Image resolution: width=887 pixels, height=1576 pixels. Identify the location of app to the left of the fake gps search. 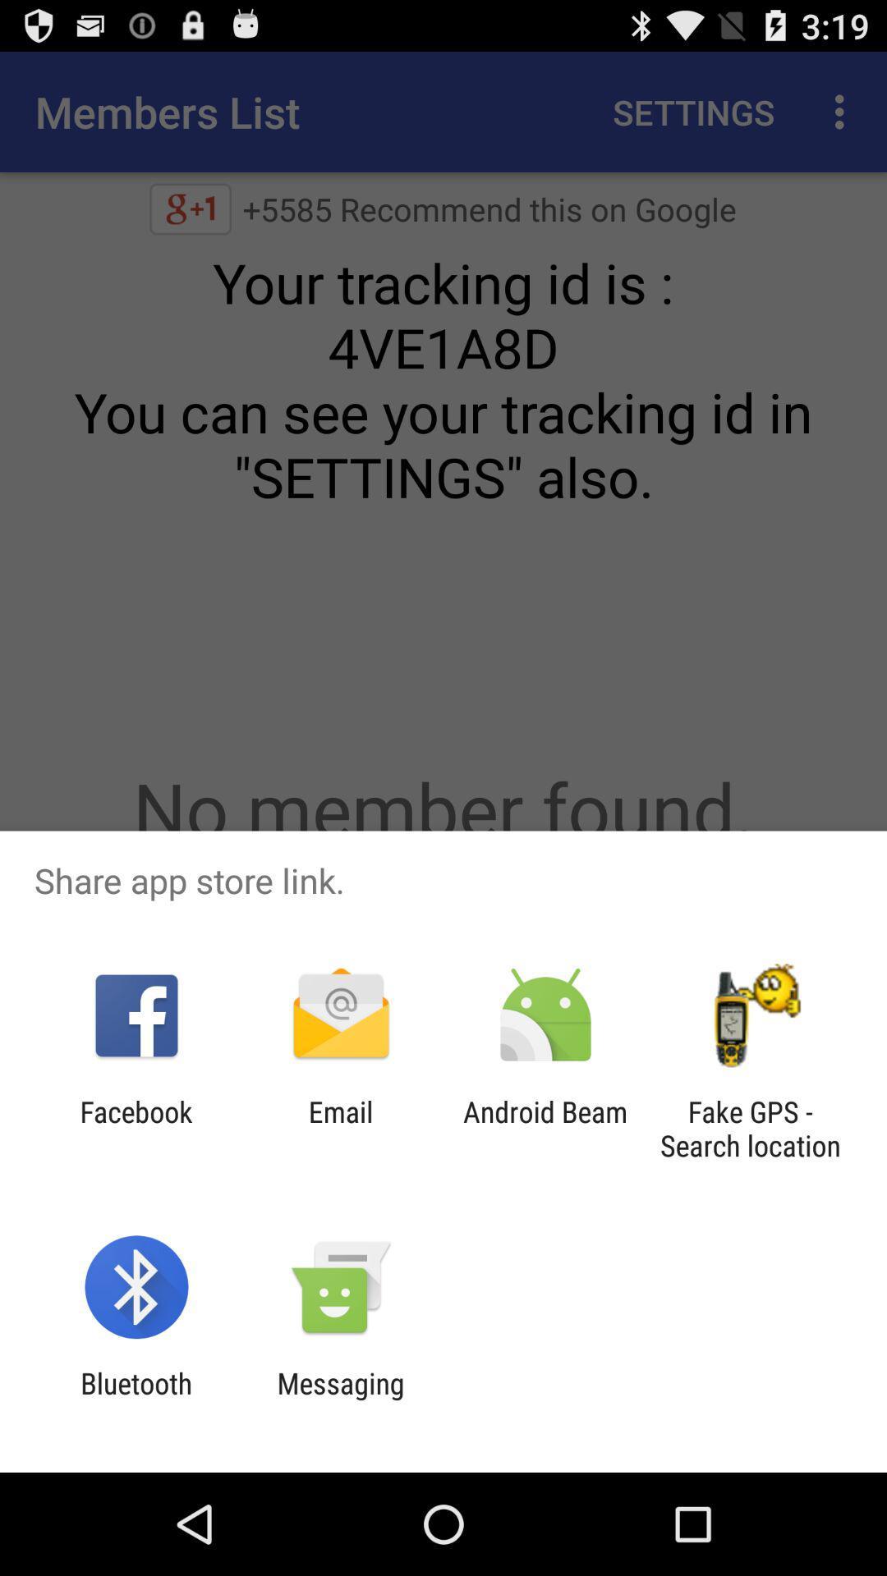
(545, 1128).